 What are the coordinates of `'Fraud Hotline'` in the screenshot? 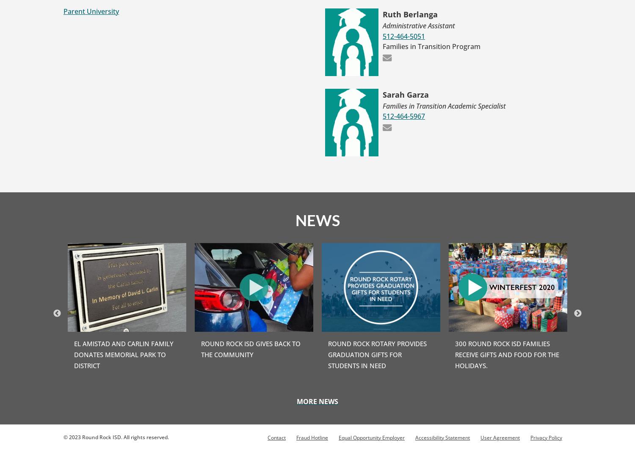 It's located at (312, 437).